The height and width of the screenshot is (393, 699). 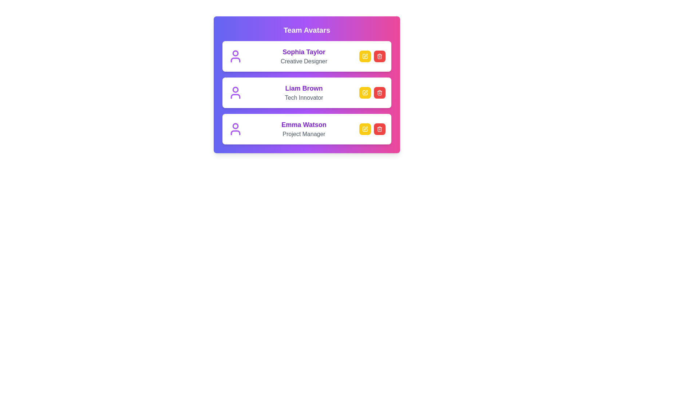 I want to click on the red circular delete button with a trash can icon located on the far right of the second row of user profiles, so click(x=379, y=92).